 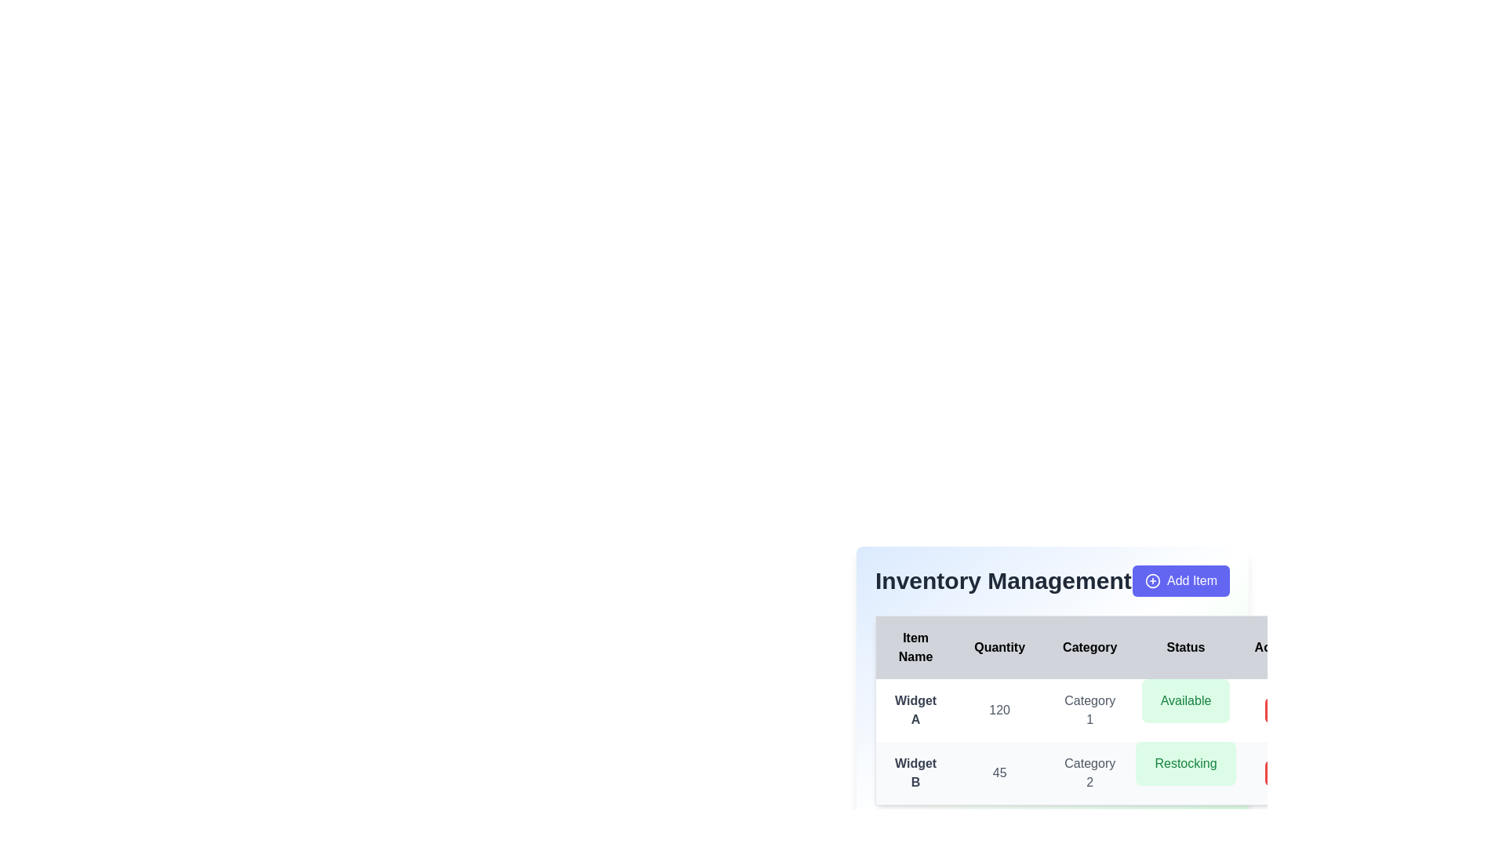 What do you see at coordinates (1097, 772) in the screenshot?
I see `the table row displaying inventory information for 'Widget B', located in the second row under the 'Inventory Management' header` at bounding box center [1097, 772].